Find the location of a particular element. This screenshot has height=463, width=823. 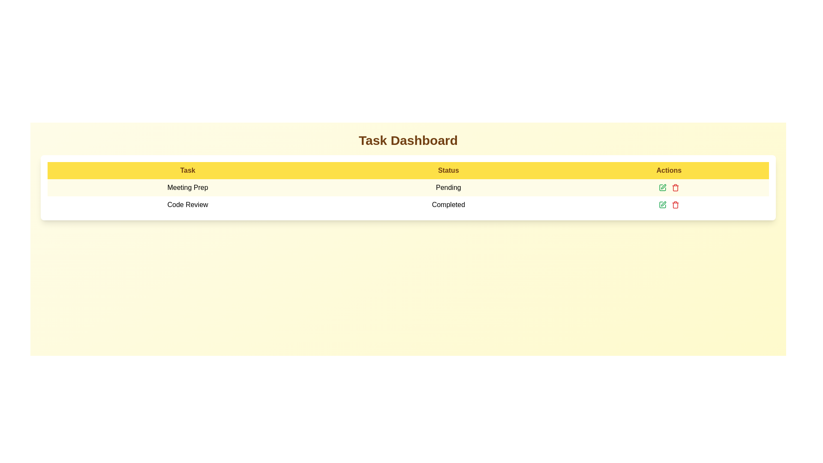

the pencil-like icon button located in the Actions column next to the 'Code Review' row in the bottom row of the structured table is located at coordinates (663, 204).